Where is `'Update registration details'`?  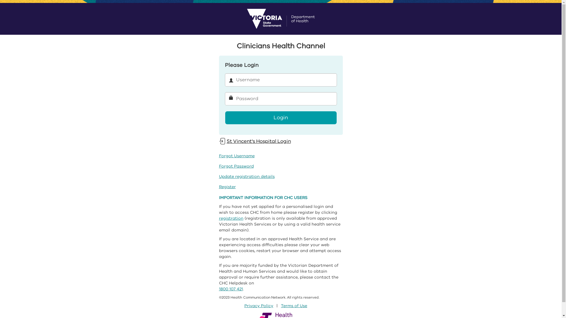
'Update registration details' is located at coordinates (246, 176).